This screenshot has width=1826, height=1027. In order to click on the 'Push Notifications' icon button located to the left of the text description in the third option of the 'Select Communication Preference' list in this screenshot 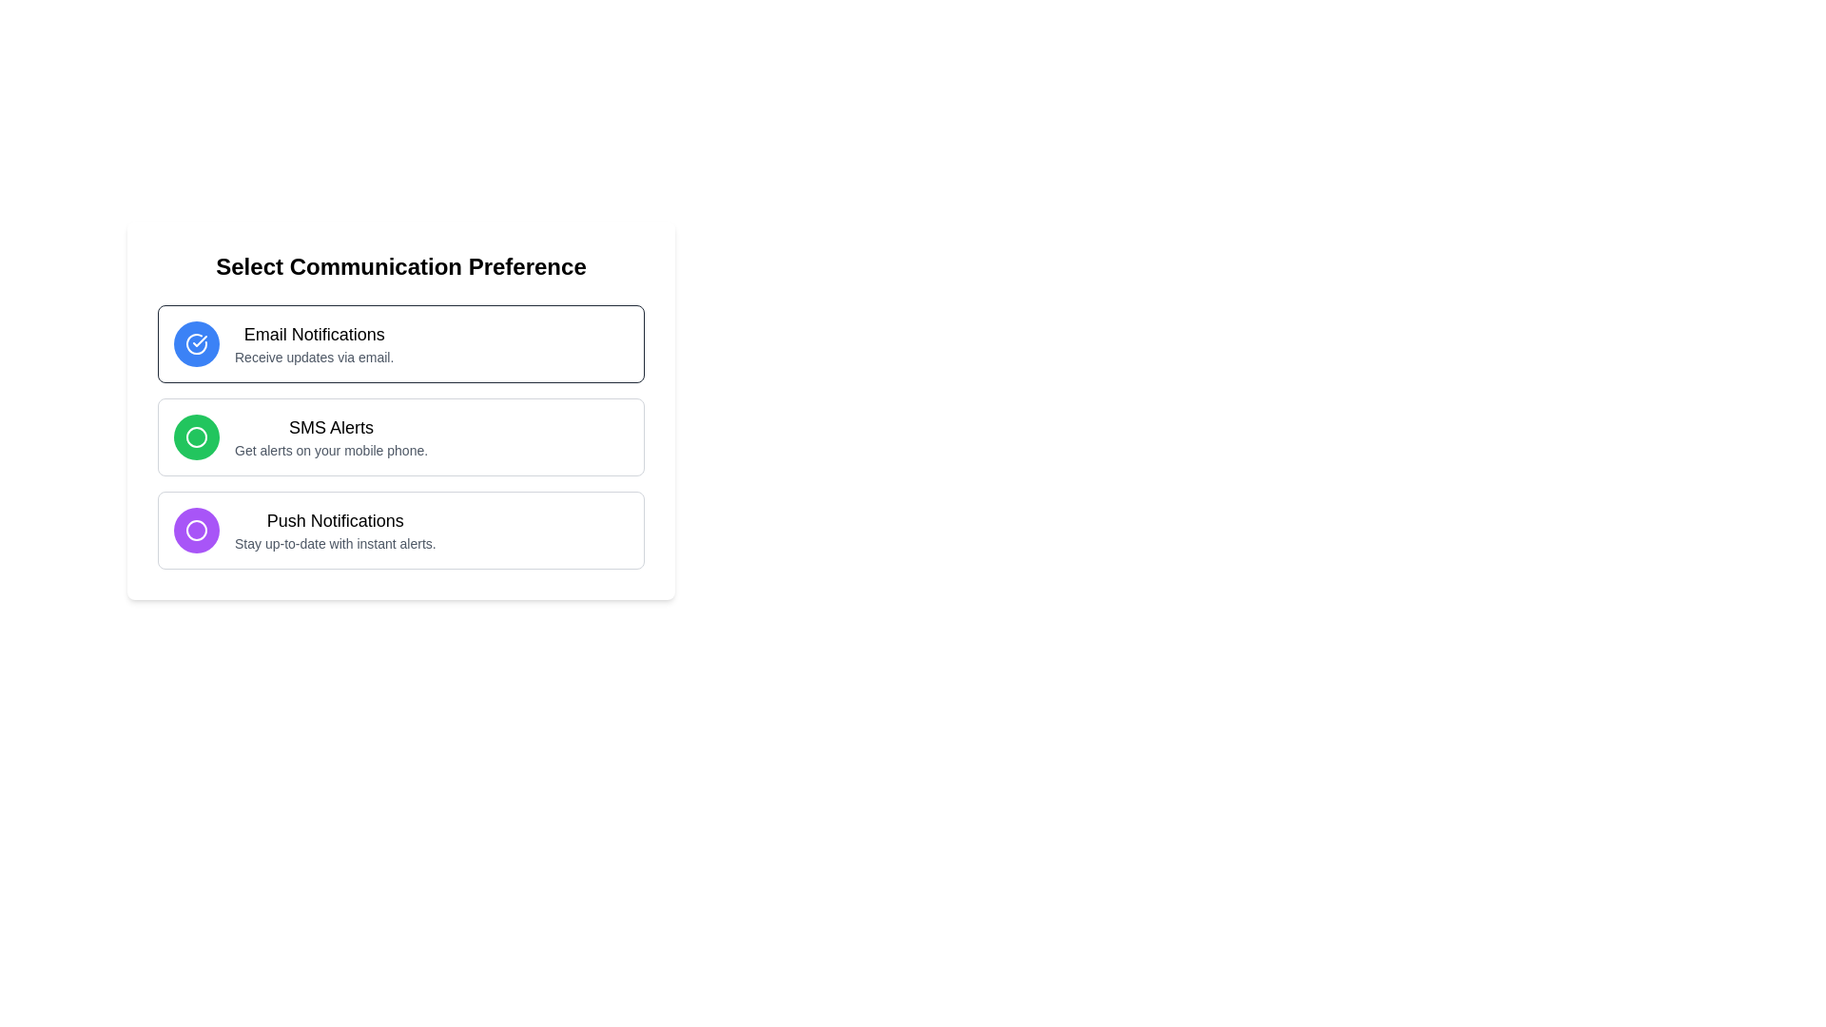, I will do `click(196, 531)`.